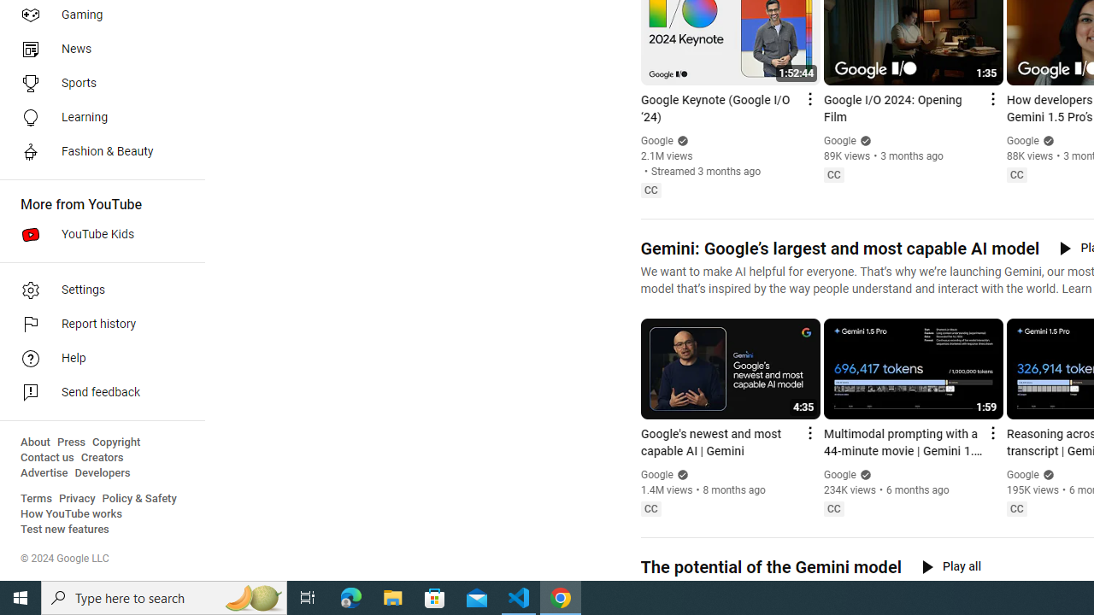 The width and height of the screenshot is (1094, 615). I want to click on 'News', so click(96, 48).